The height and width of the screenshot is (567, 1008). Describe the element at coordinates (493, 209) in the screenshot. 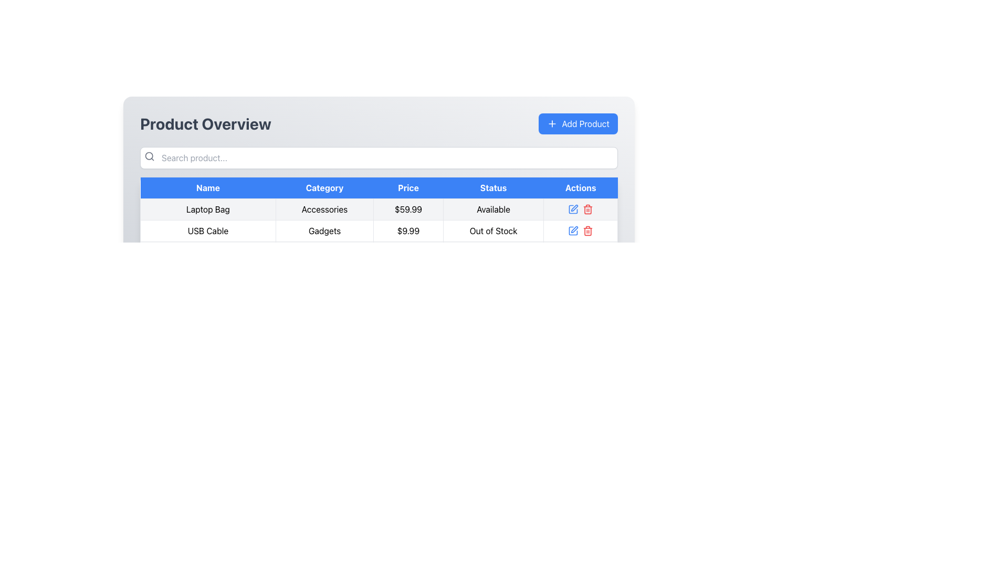

I see `the 'Available' text label in the Status column of the Laptop Bag product entry to read its value` at that location.